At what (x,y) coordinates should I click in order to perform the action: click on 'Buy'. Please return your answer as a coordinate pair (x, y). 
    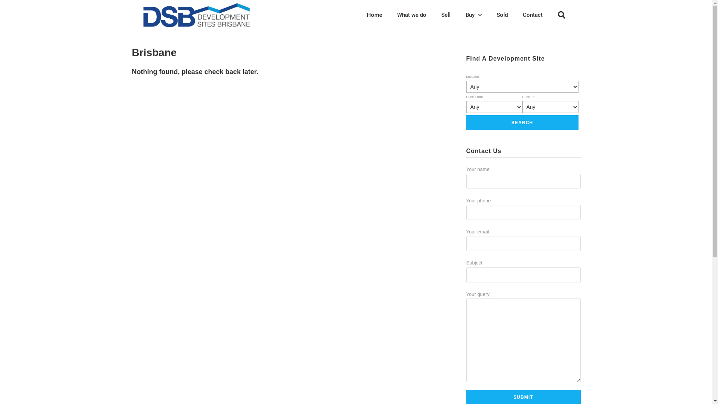
    Looking at the image, I should click on (473, 15).